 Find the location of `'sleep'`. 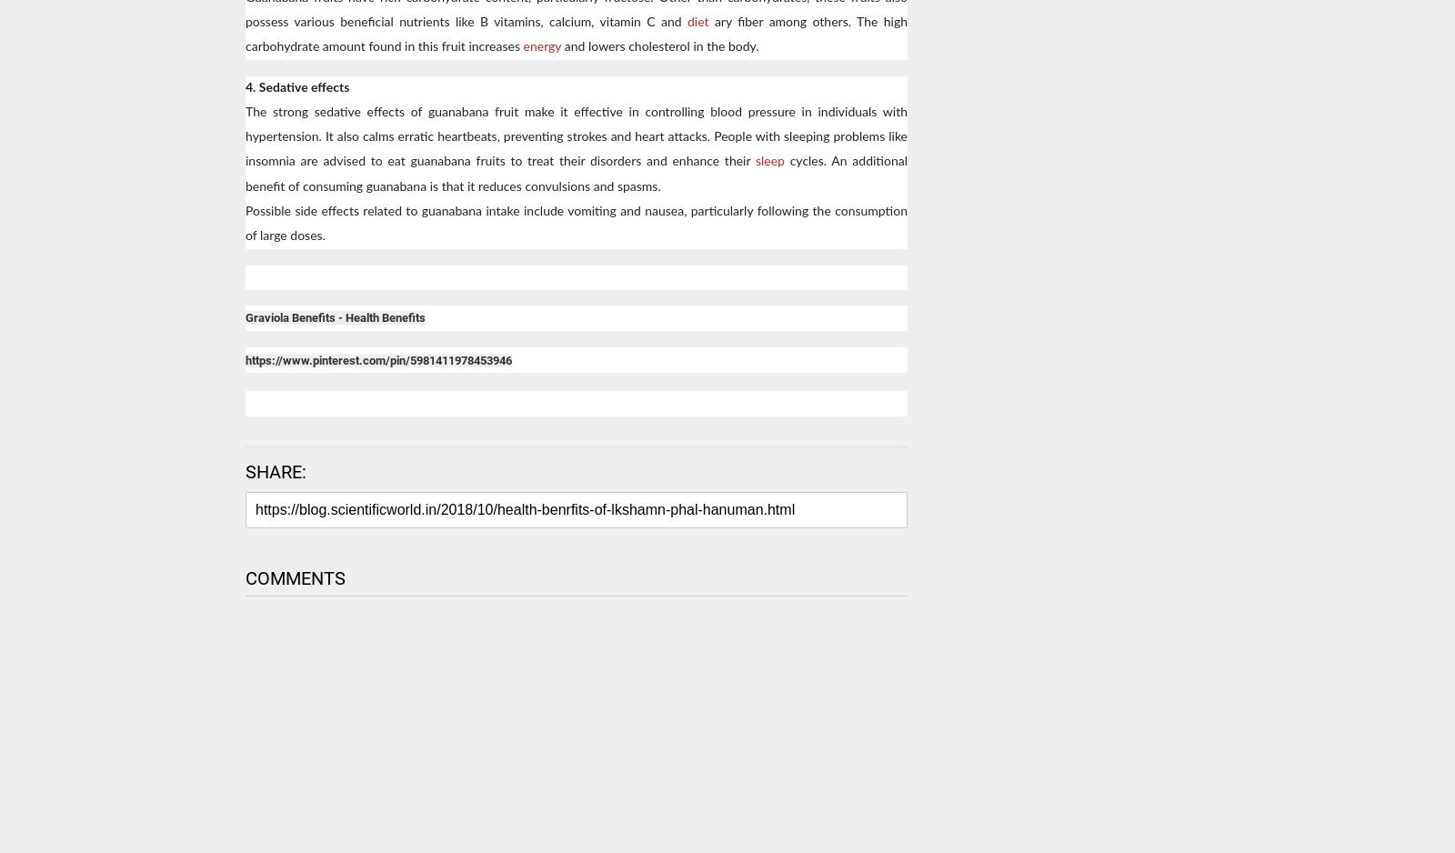

'sleep' is located at coordinates (770, 161).